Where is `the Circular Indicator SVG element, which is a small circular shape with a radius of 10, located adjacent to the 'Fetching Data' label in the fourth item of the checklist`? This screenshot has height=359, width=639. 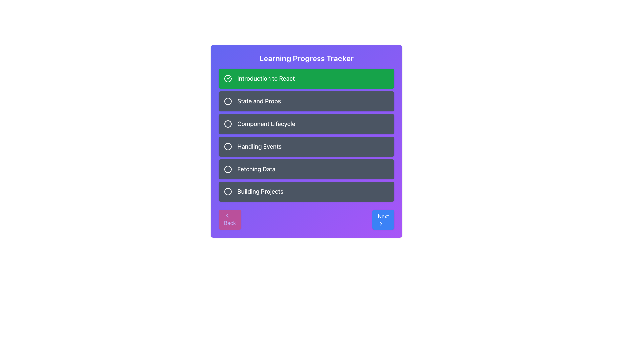
the Circular Indicator SVG element, which is a small circular shape with a radius of 10, located adjacent to the 'Fetching Data' label in the fourth item of the checklist is located at coordinates (228, 169).